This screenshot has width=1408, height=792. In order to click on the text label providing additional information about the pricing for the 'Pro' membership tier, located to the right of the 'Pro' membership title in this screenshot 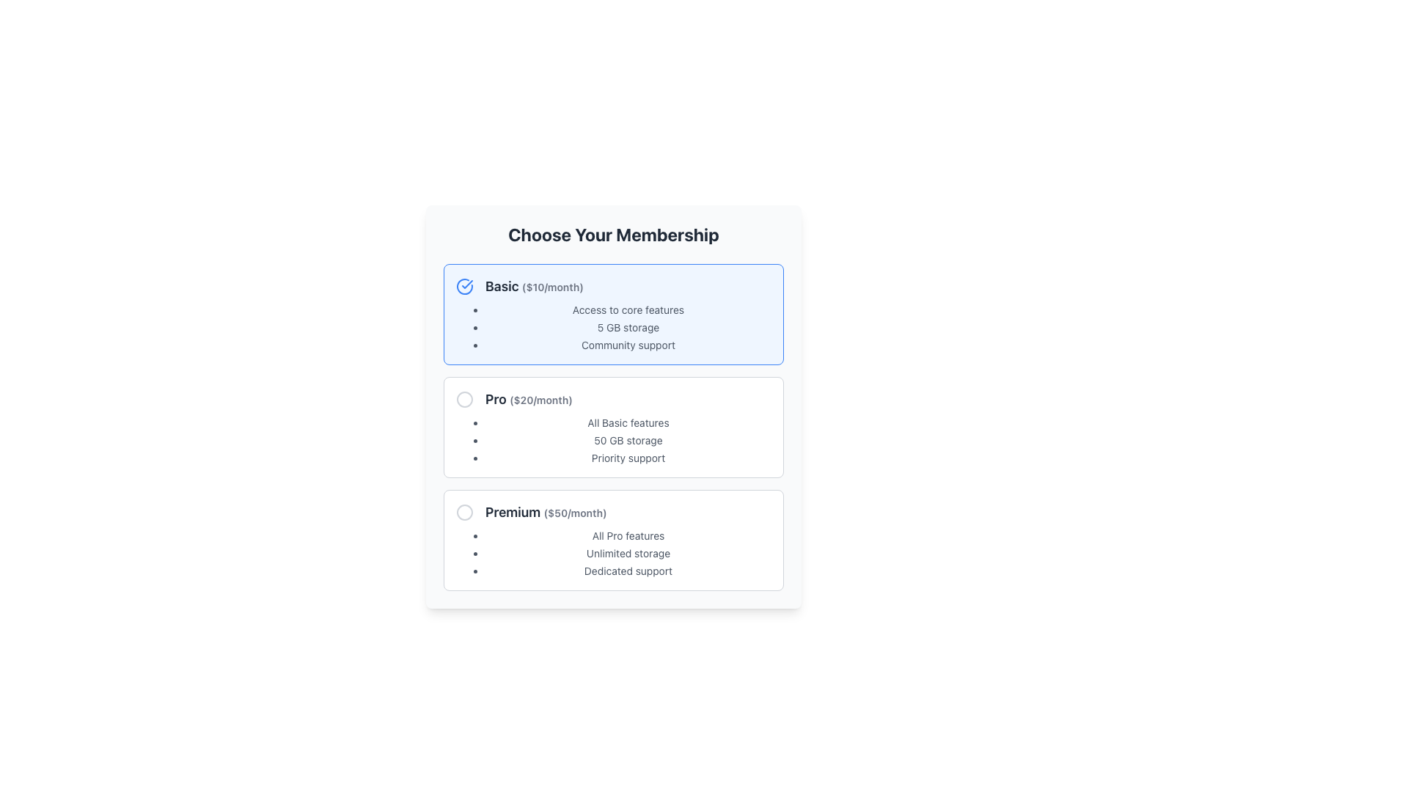, I will do `click(540, 400)`.